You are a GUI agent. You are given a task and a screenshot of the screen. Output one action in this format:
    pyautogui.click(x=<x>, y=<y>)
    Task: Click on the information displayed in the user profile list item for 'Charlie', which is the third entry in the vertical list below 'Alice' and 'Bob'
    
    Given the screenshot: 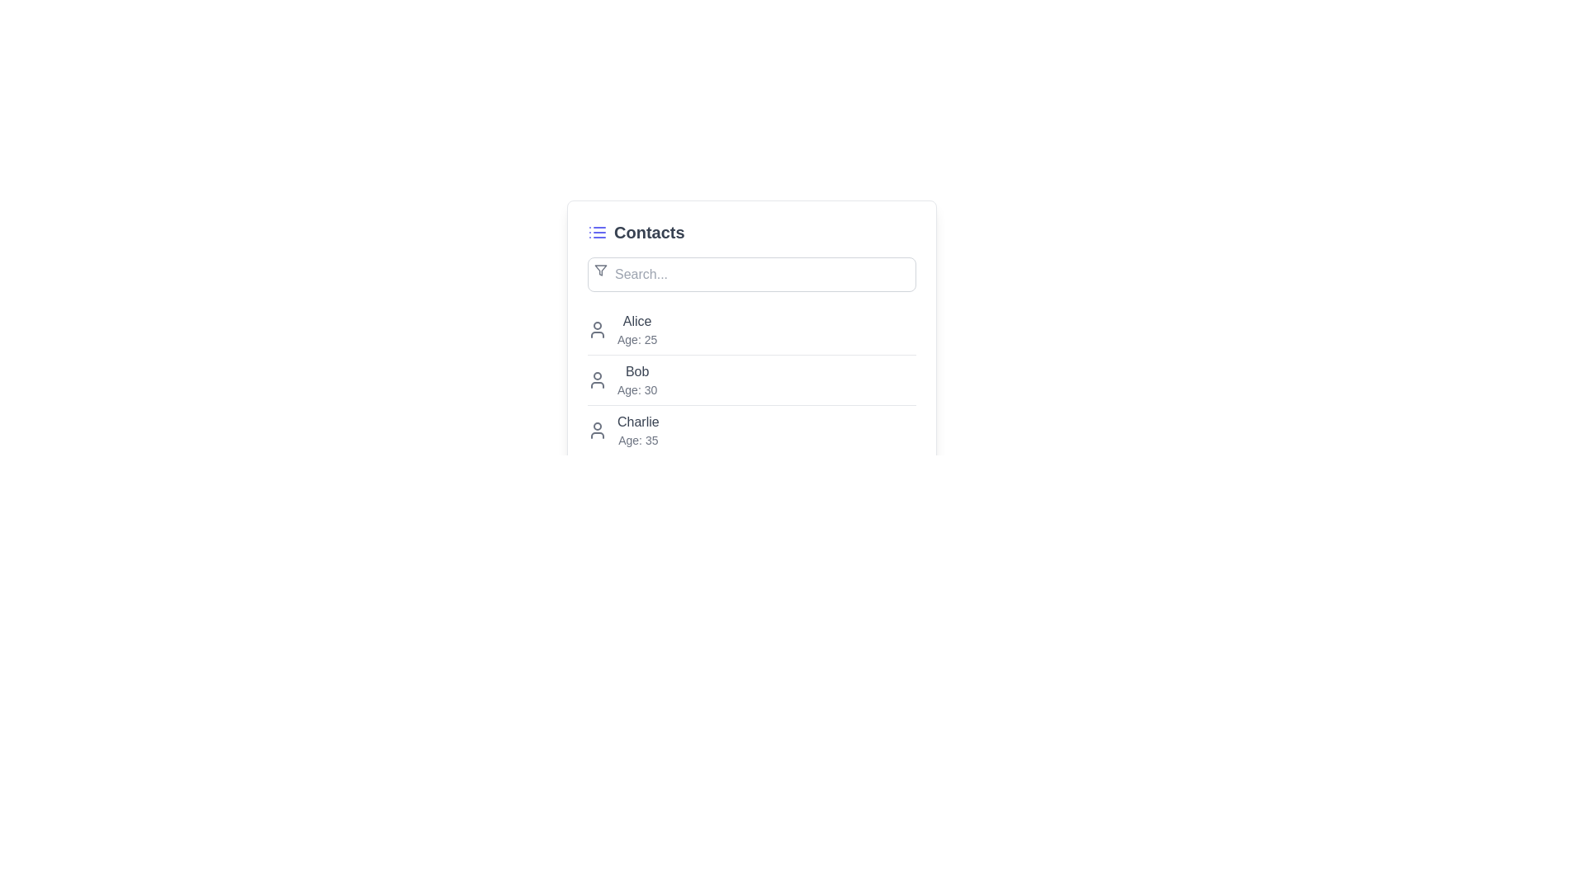 What is the action you would take?
    pyautogui.click(x=751, y=429)
    